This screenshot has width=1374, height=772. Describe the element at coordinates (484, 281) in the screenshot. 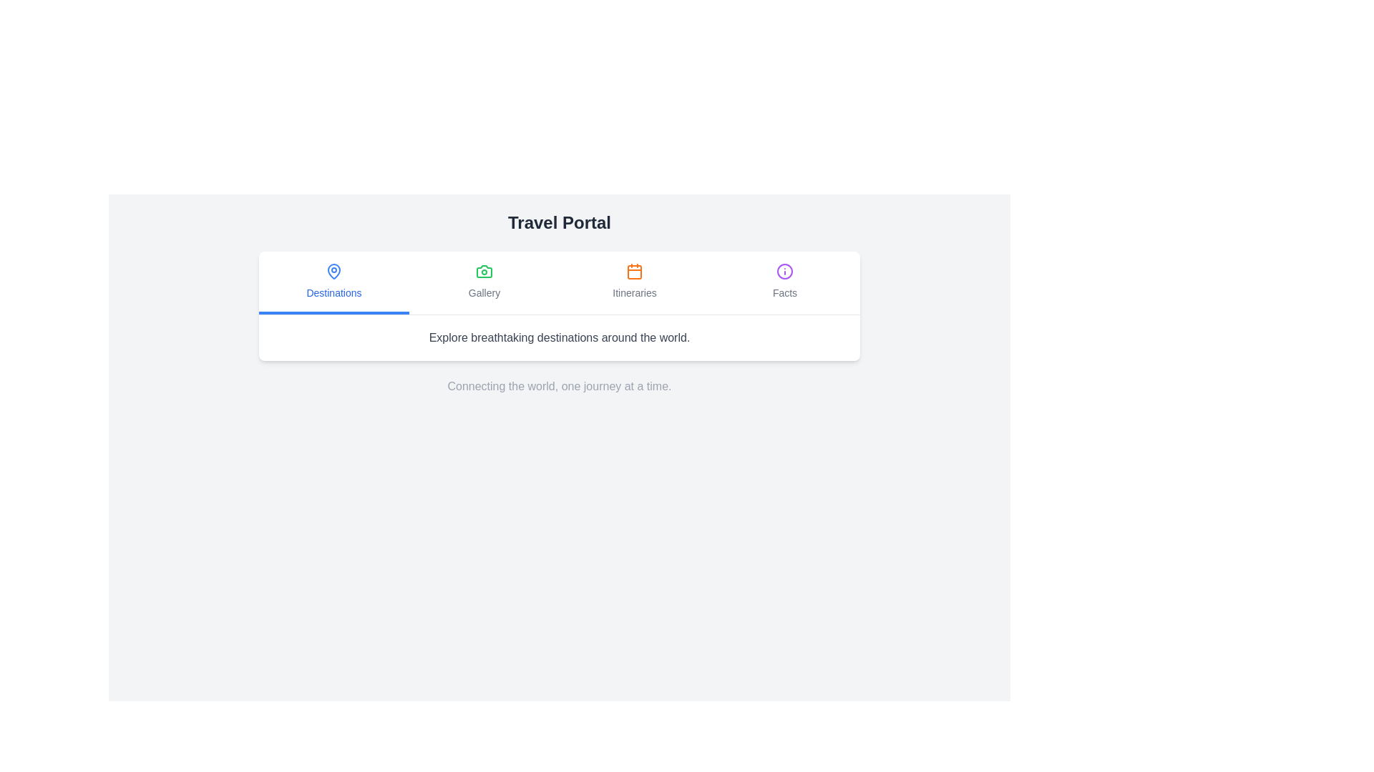

I see `the 'Gallery' navigation item located centrally in the horizontal menu, positioned between 'Destinations' and 'Itineraries'` at that location.